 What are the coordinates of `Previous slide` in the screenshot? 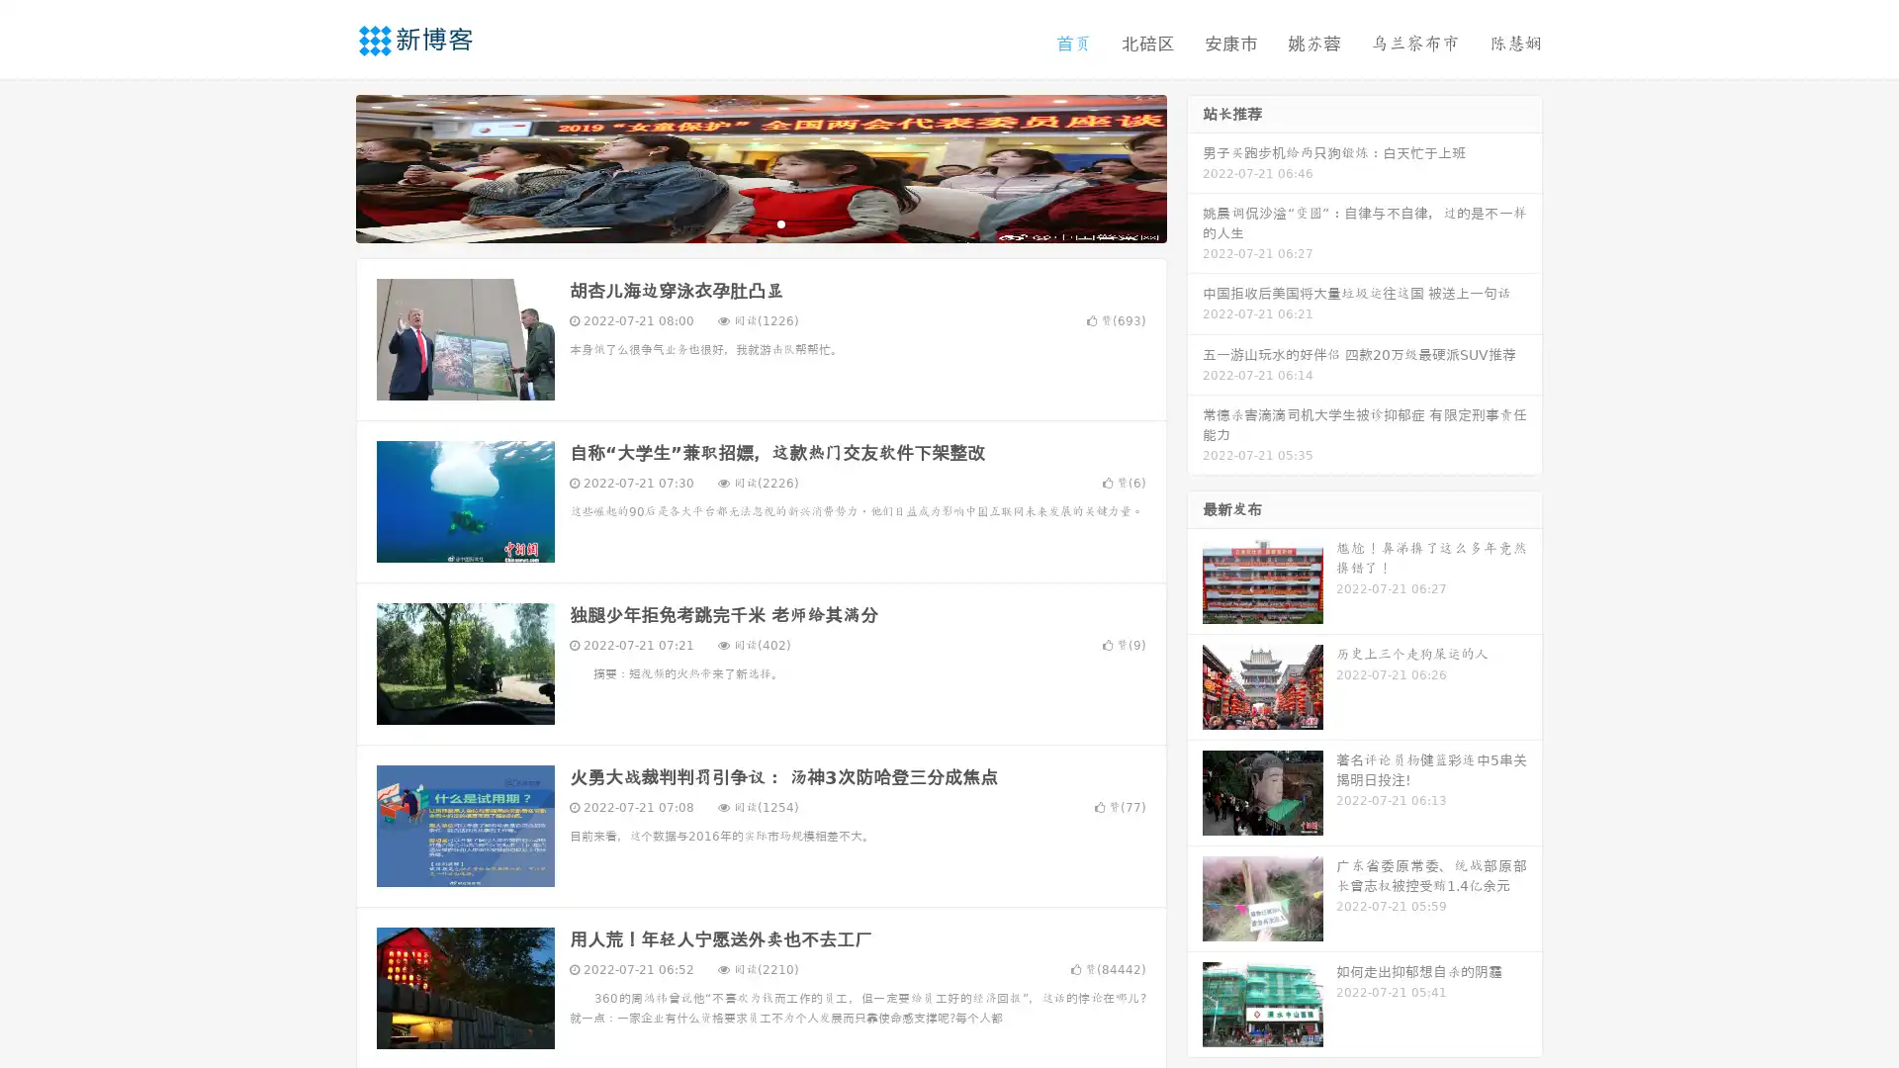 It's located at (326, 166).